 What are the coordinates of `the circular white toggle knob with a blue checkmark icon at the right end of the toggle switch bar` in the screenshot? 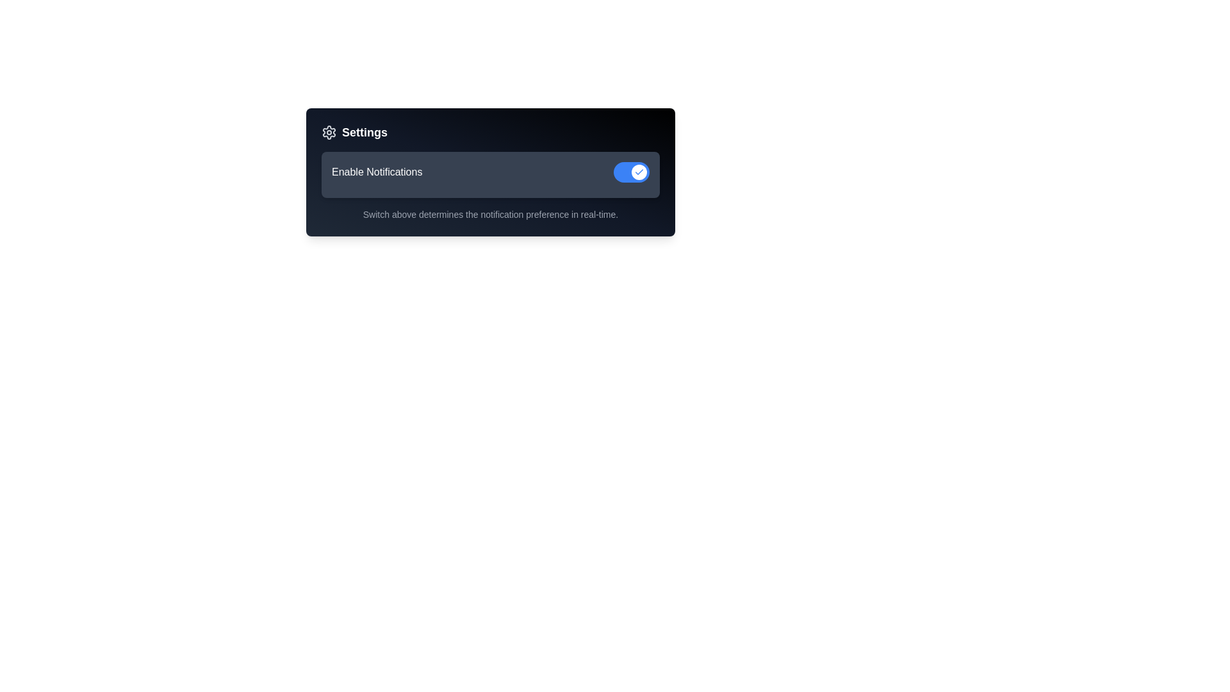 It's located at (639, 172).